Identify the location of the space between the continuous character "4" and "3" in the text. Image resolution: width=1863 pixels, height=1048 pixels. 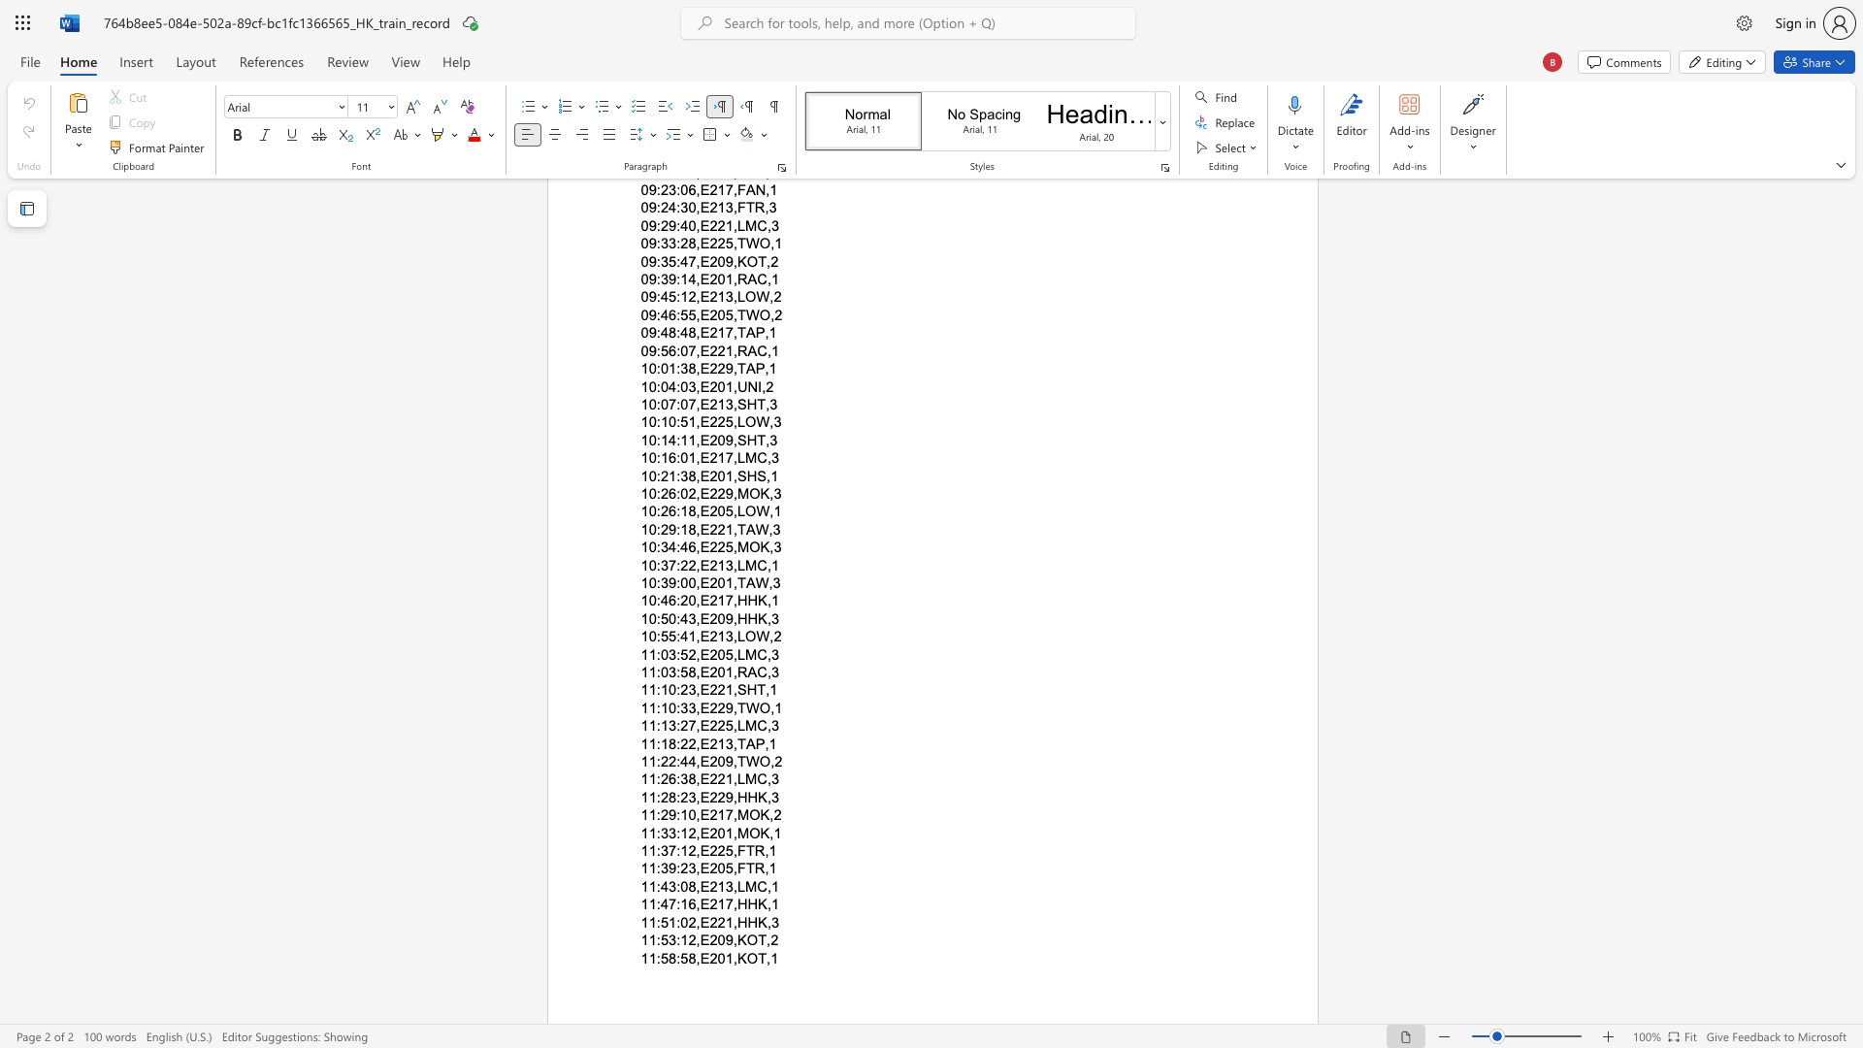
(688, 618).